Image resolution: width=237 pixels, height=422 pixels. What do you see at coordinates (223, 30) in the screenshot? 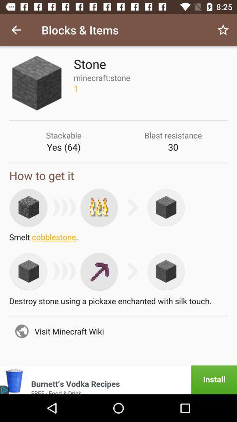
I see `item to the right of the blocks & items` at bounding box center [223, 30].